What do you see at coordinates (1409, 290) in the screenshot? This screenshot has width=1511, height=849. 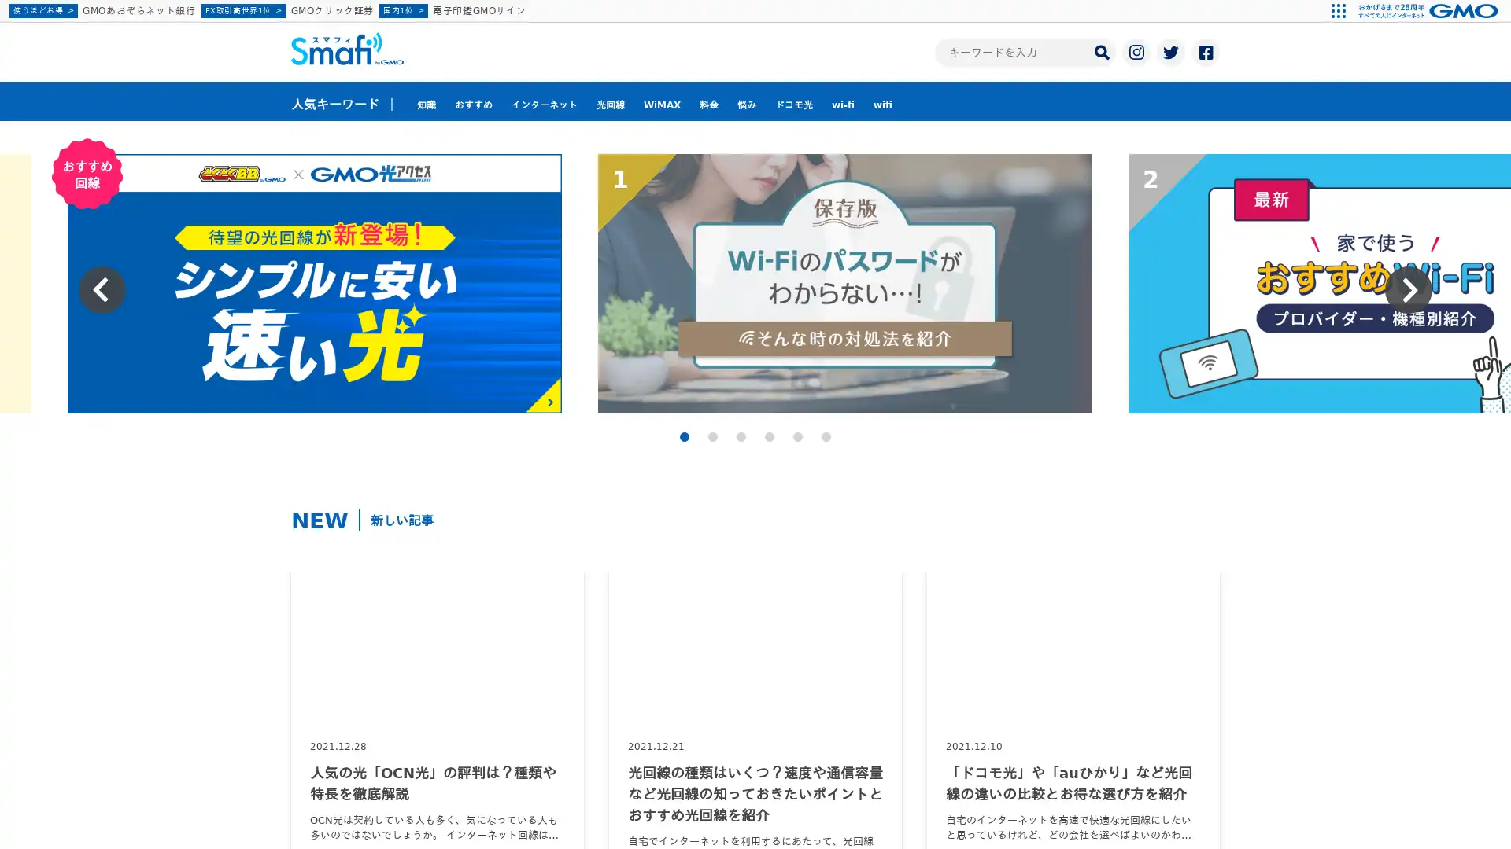 I see `Next` at bounding box center [1409, 290].